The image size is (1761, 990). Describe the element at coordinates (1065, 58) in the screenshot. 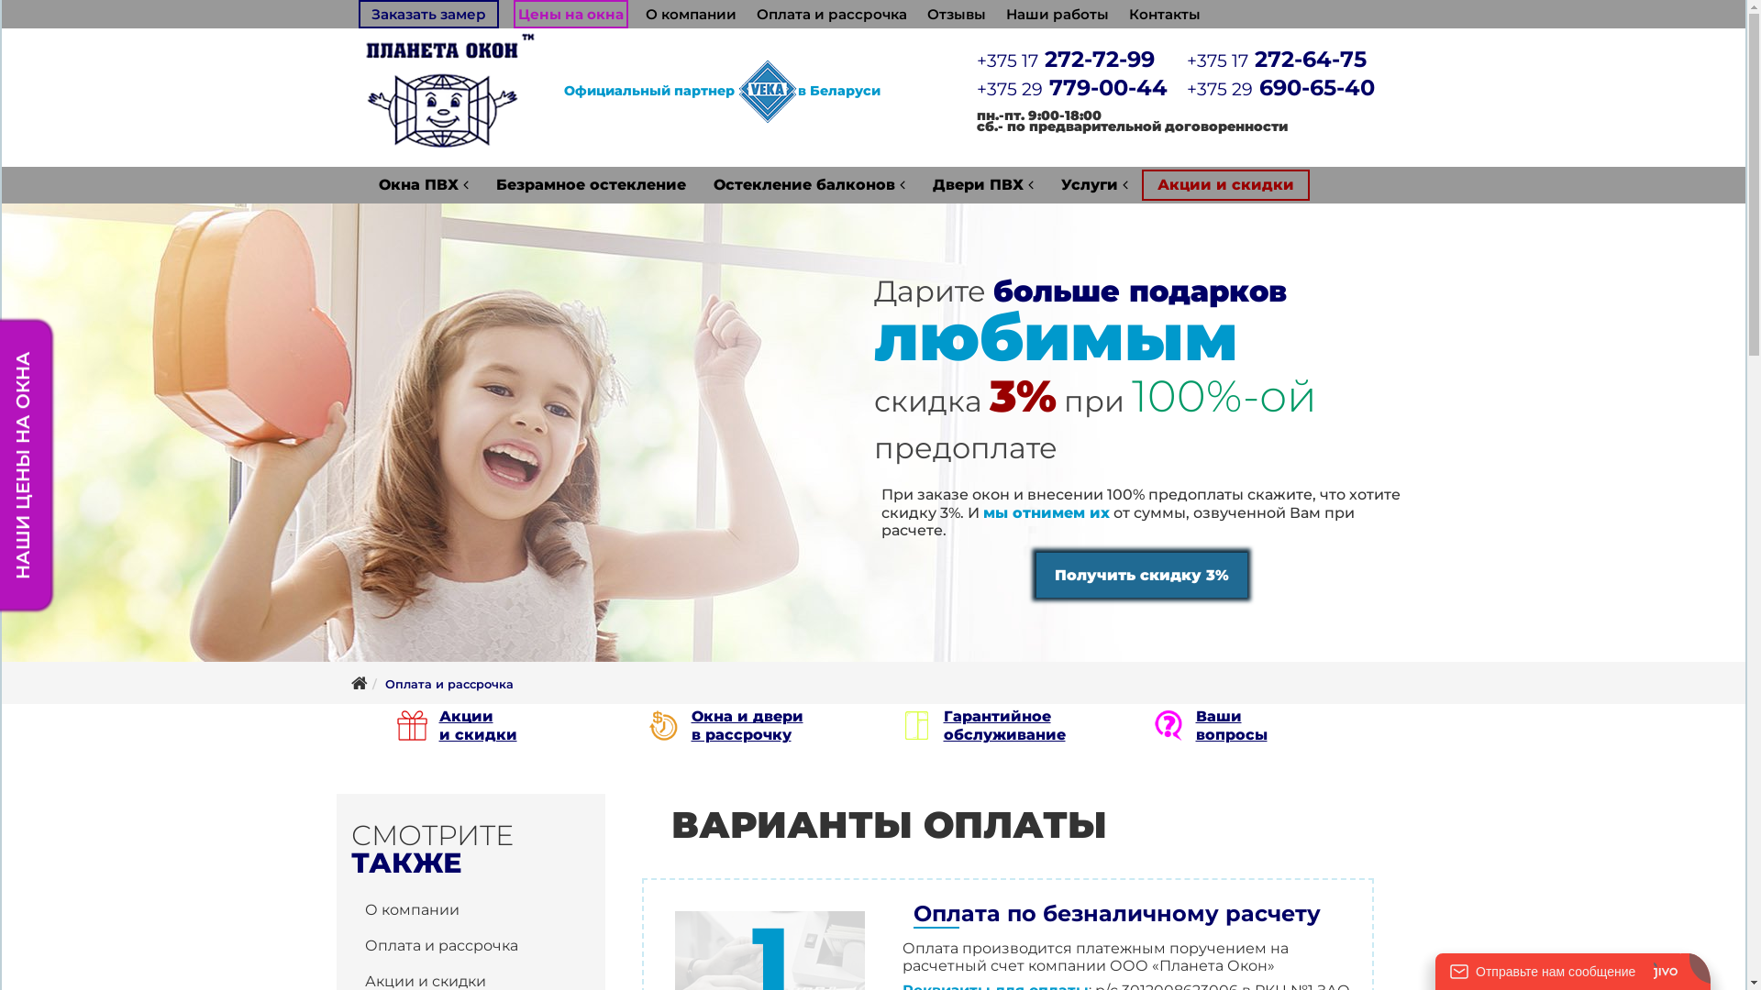

I see `'+375 17 272-72-99'` at that location.